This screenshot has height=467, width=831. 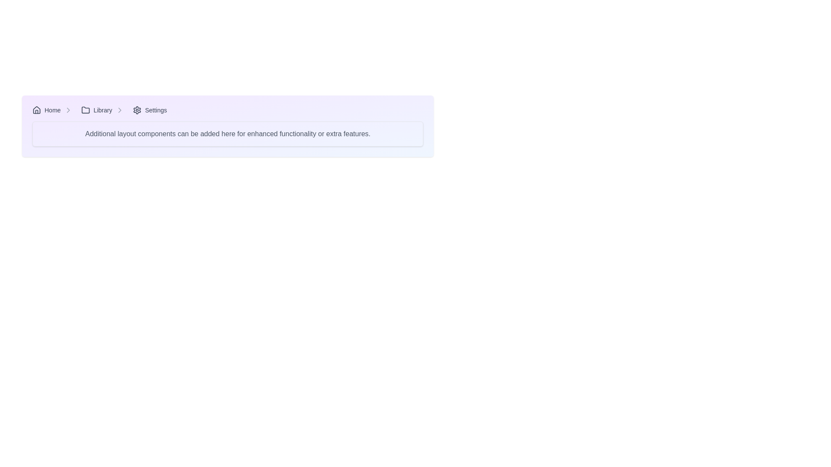 I want to click on the 'Home' icon located in the top-left corner of the interface, which is part of the breadcrumb navigation bar and positioned to the left of the 'Home' text, so click(x=36, y=109).